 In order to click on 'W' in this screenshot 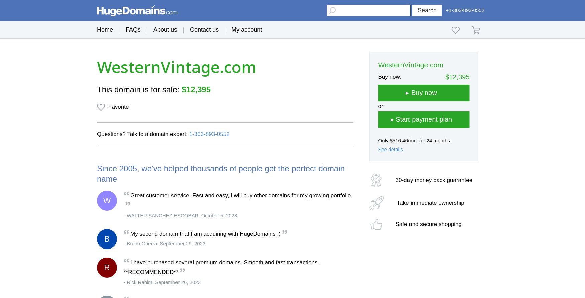, I will do `click(107, 200)`.